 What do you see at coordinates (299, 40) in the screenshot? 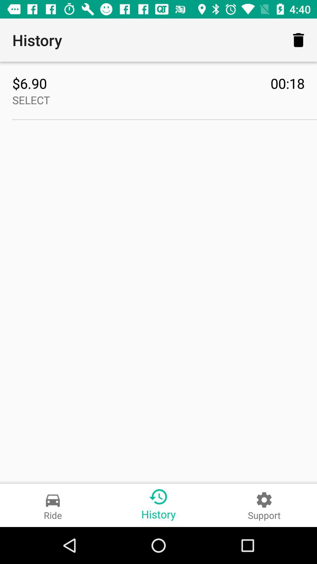
I see `icon above the 00:18 icon` at bounding box center [299, 40].